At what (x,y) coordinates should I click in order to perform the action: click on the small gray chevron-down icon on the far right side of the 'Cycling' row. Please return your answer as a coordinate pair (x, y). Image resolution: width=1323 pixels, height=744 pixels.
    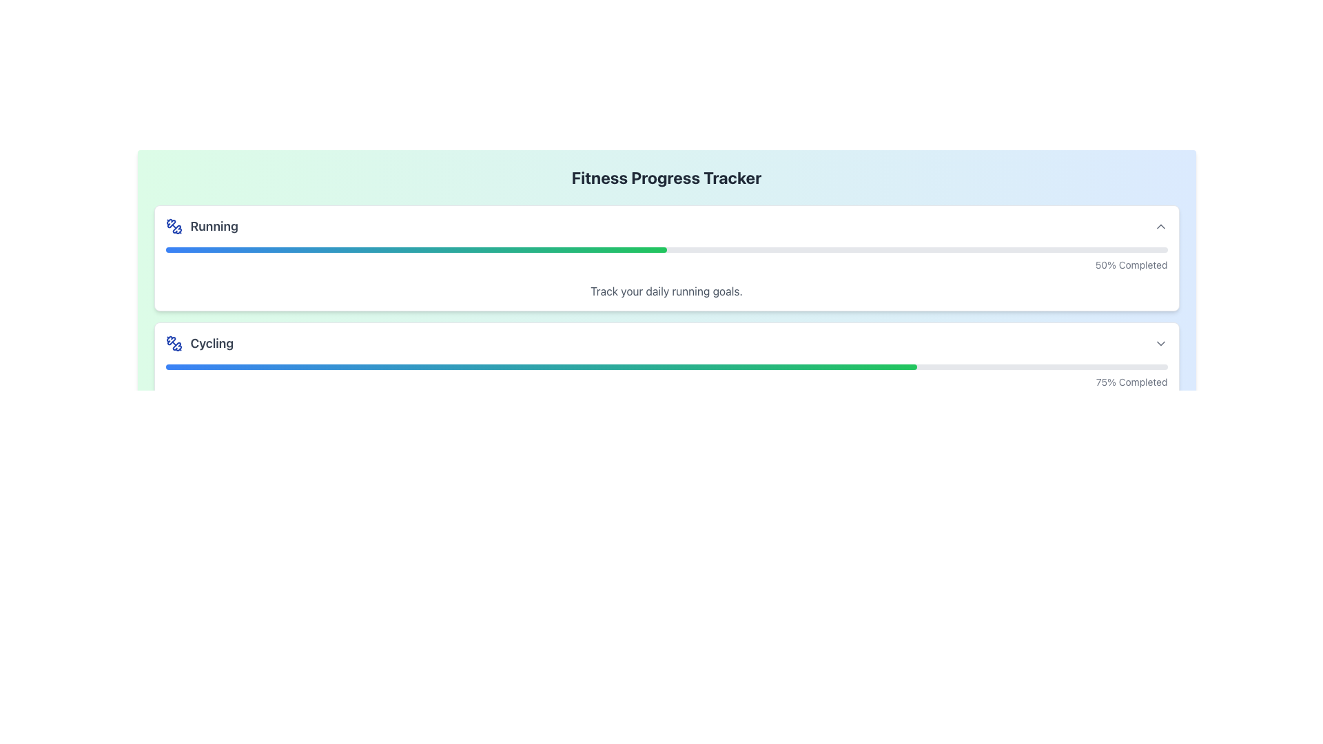
    Looking at the image, I should click on (1160, 342).